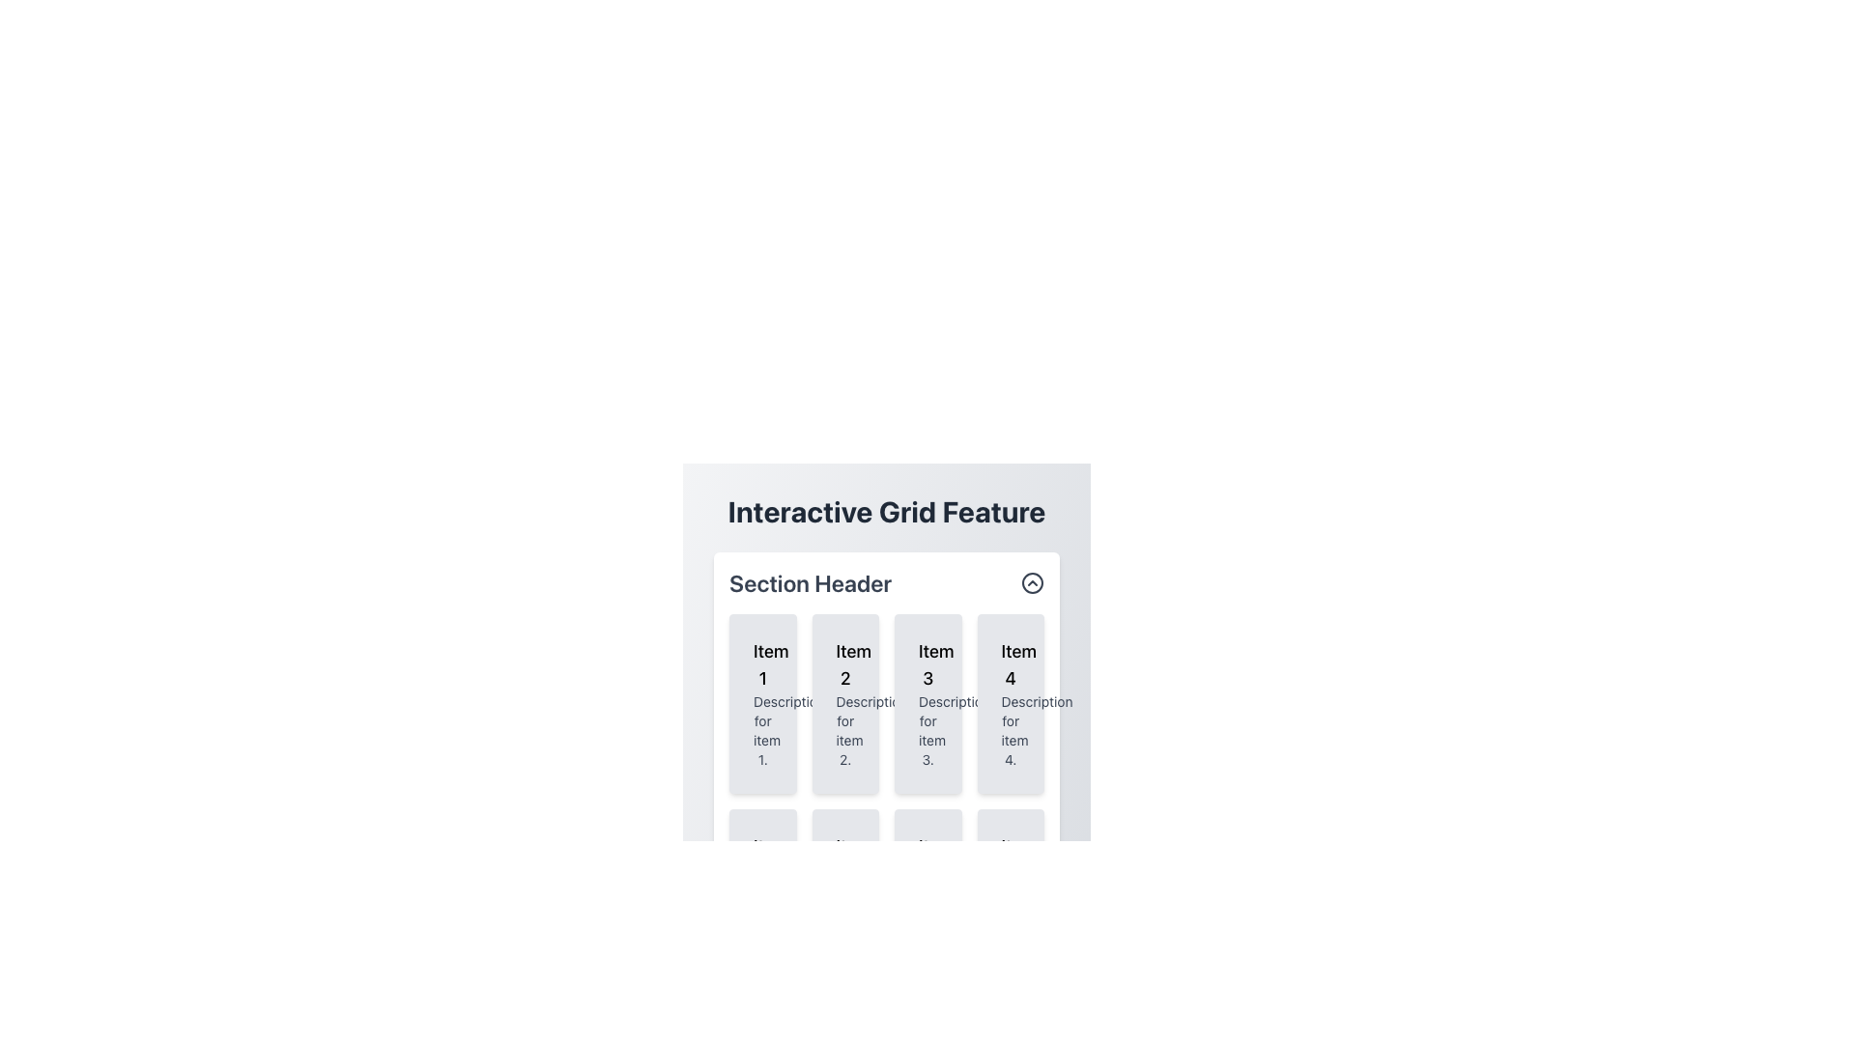 The image size is (1855, 1043). I want to click on the static text label indicating the title or name of an item in the third column of the grid under the 'Interactive Grid Feature' section, so click(927, 664).